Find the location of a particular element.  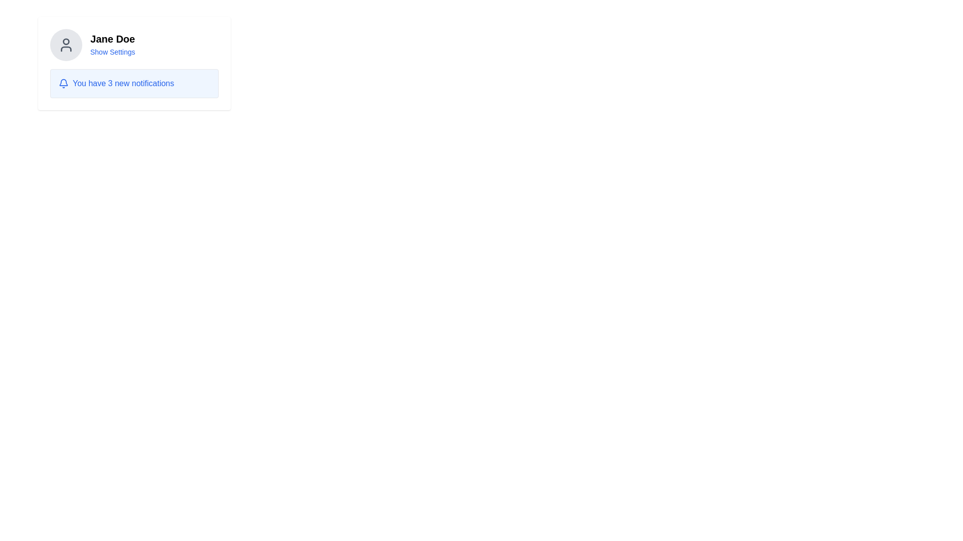

the blue bell icon notification indicator, which is located on the left side of the text 'You have 3 new notifications' in the notification panel is located at coordinates (63, 83).